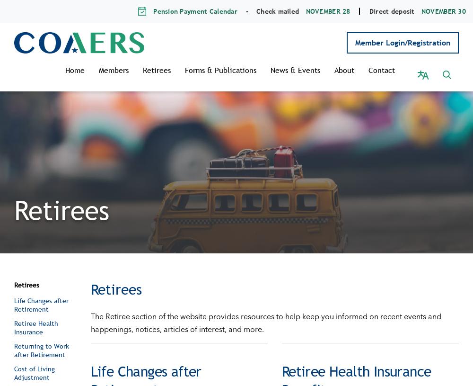 Image resolution: width=473 pixels, height=386 pixels. I want to click on 'Life Changes after Retirement', so click(41, 295).